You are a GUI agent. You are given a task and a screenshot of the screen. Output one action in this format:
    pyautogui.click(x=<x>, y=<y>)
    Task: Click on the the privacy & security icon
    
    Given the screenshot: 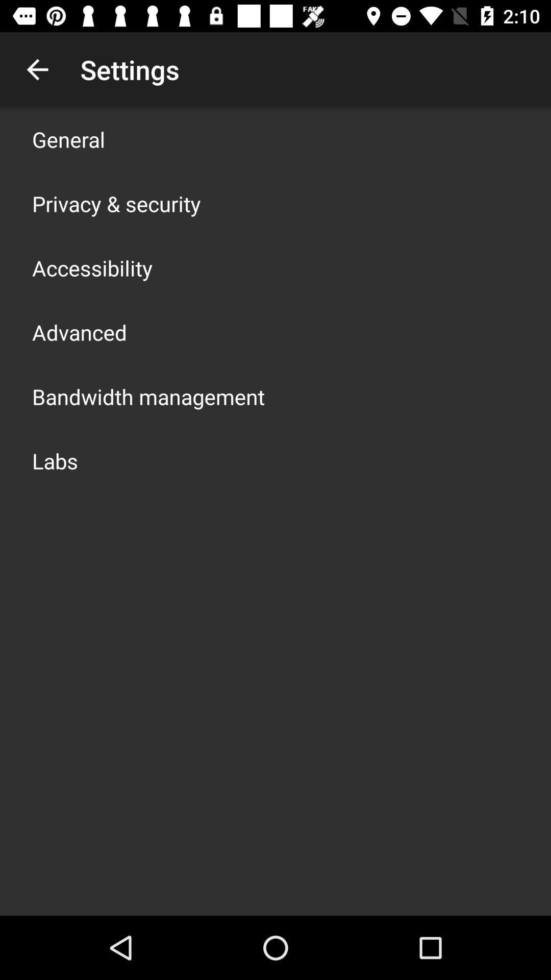 What is the action you would take?
    pyautogui.click(x=116, y=203)
    